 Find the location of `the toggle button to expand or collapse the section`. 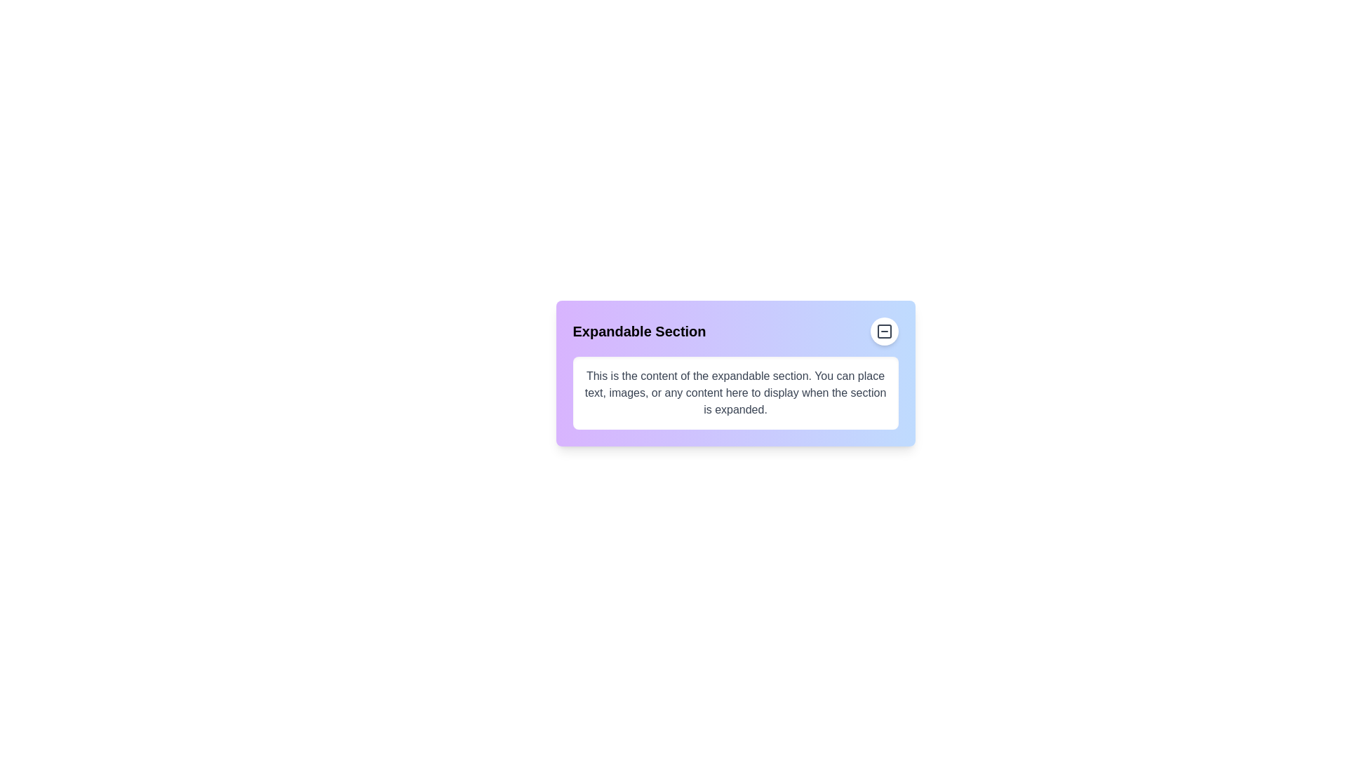

the toggle button to expand or collapse the section is located at coordinates (883, 332).